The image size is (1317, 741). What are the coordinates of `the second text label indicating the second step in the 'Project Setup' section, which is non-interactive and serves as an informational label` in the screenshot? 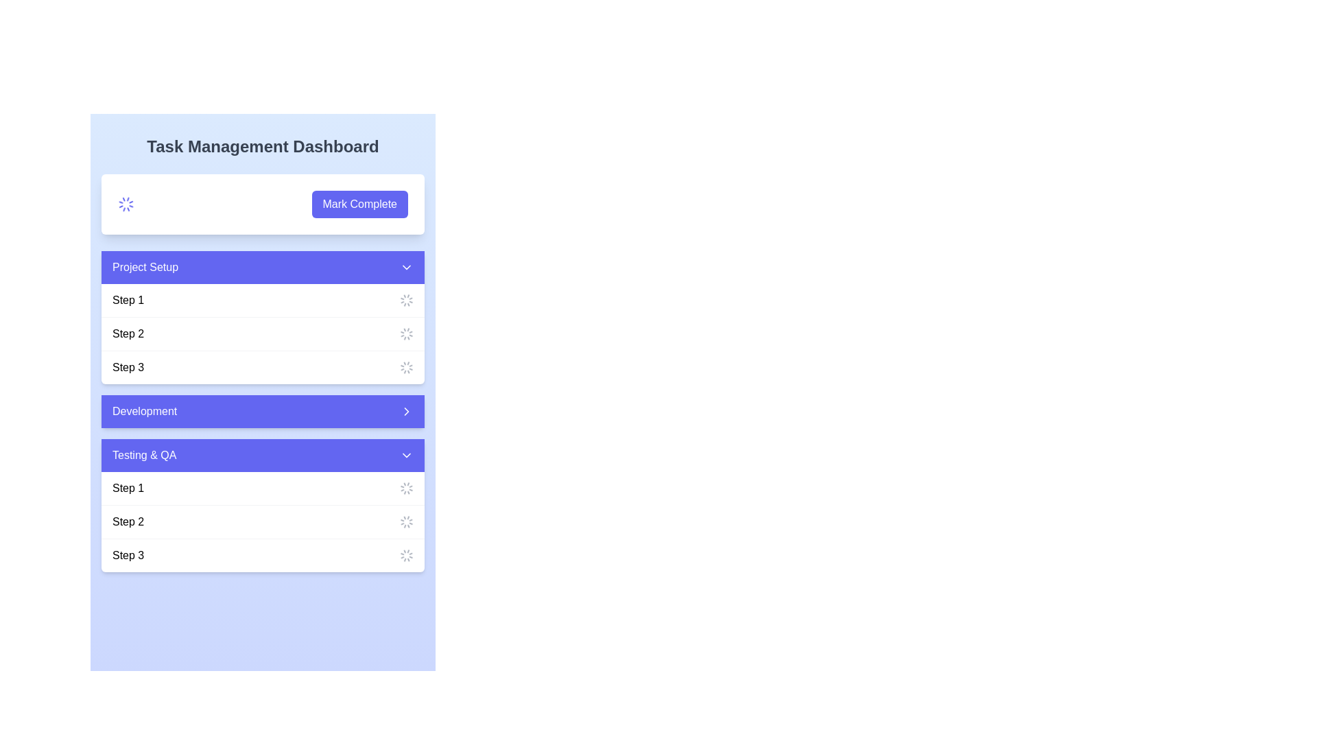 It's located at (128, 333).